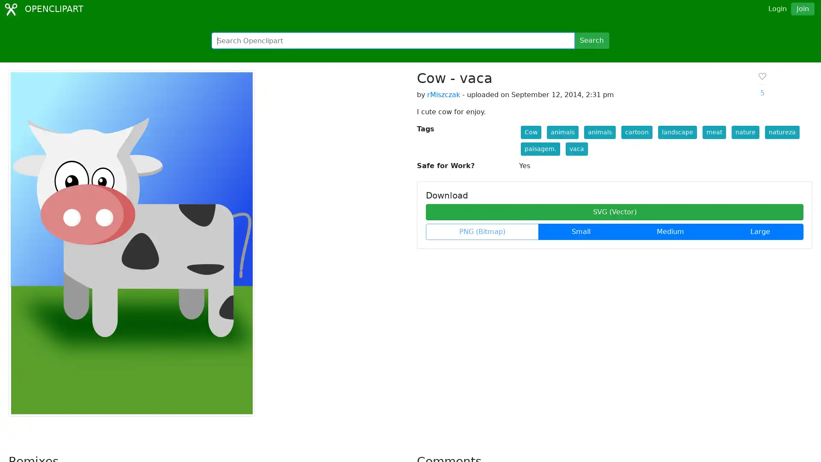  I want to click on natureza, so click(782, 132).